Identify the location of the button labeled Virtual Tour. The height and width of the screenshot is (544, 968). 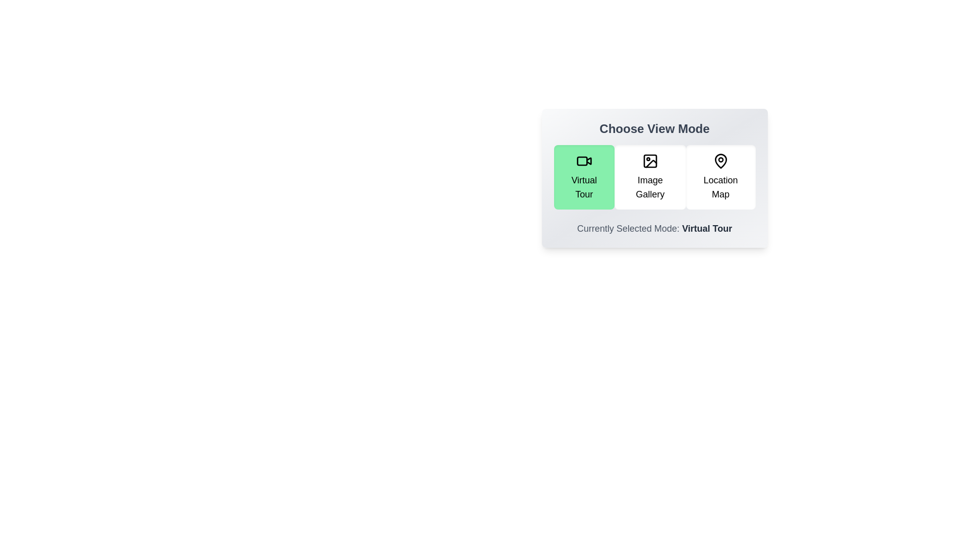
(584, 176).